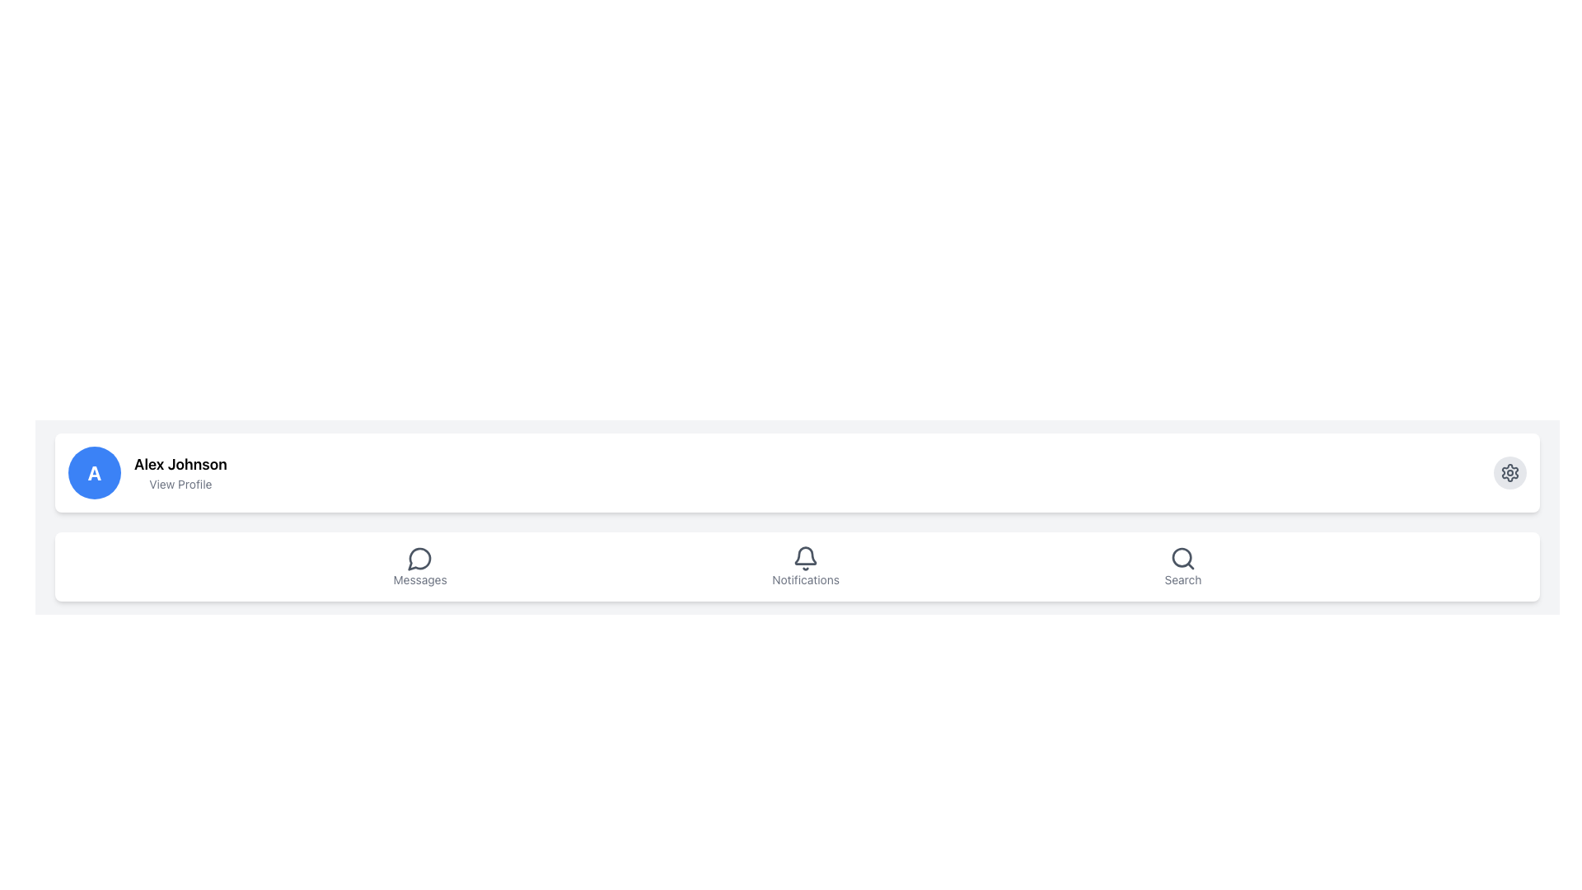 The image size is (1582, 890). Describe the element at coordinates (1182, 579) in the screenshot. I see `the 'Search' text label, which is styled in gray and positioned below a magnifying glass icon, serving as the label for the search feature` at that location.